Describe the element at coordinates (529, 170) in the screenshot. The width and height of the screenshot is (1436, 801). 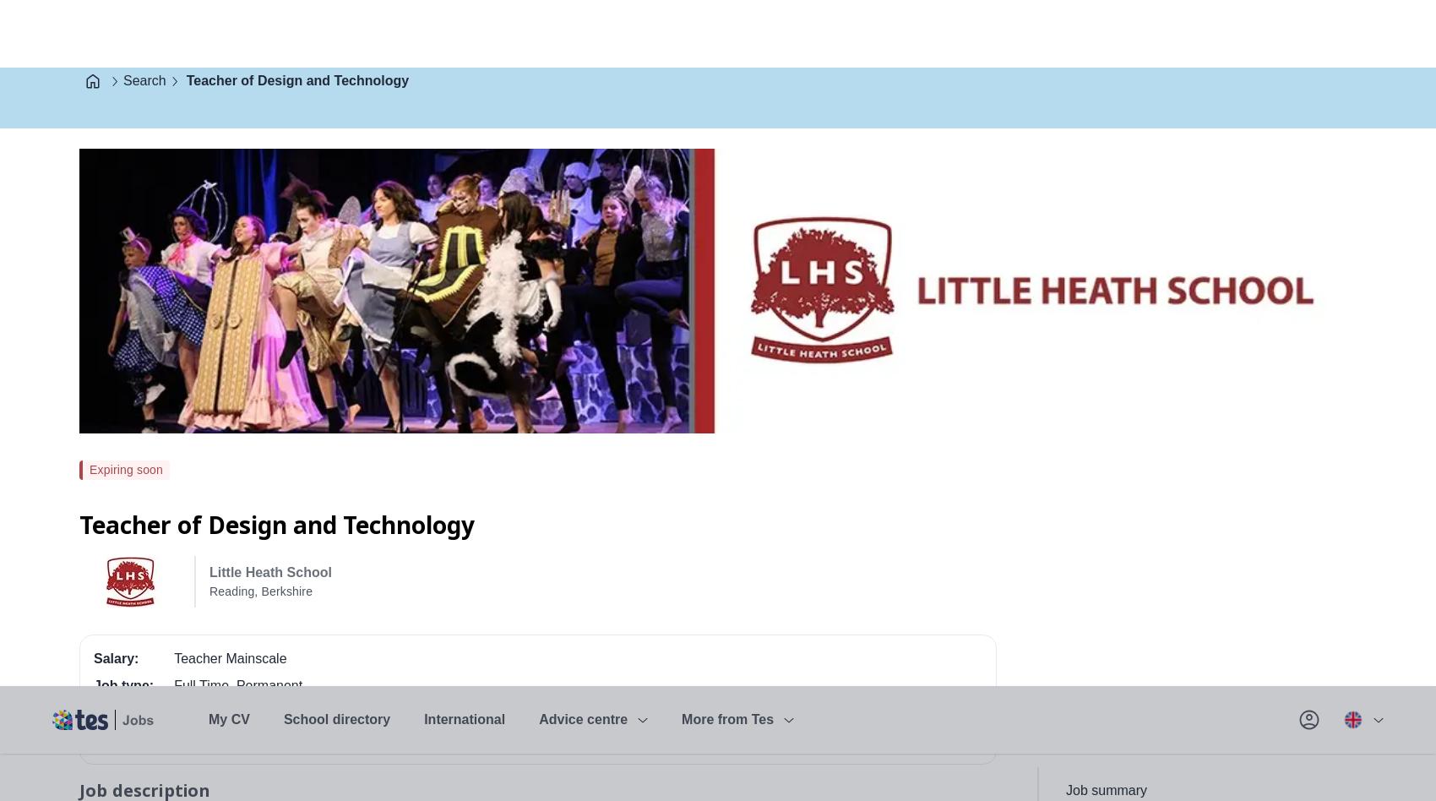
I see `'We are seeking to appoint an inspirational and enthusiastic teacher of design and technology across all Key Stages. This will be a significant teaching role within a growing Technology team, at a time when the department is expanding through the development of a new KS3 Curriculum and the introduction of new courses at both KS4 and KS5.   The successful candidate will have an opportunity to contribute to curriculum developments at KS3, KS4 and KS5.'` at that location.